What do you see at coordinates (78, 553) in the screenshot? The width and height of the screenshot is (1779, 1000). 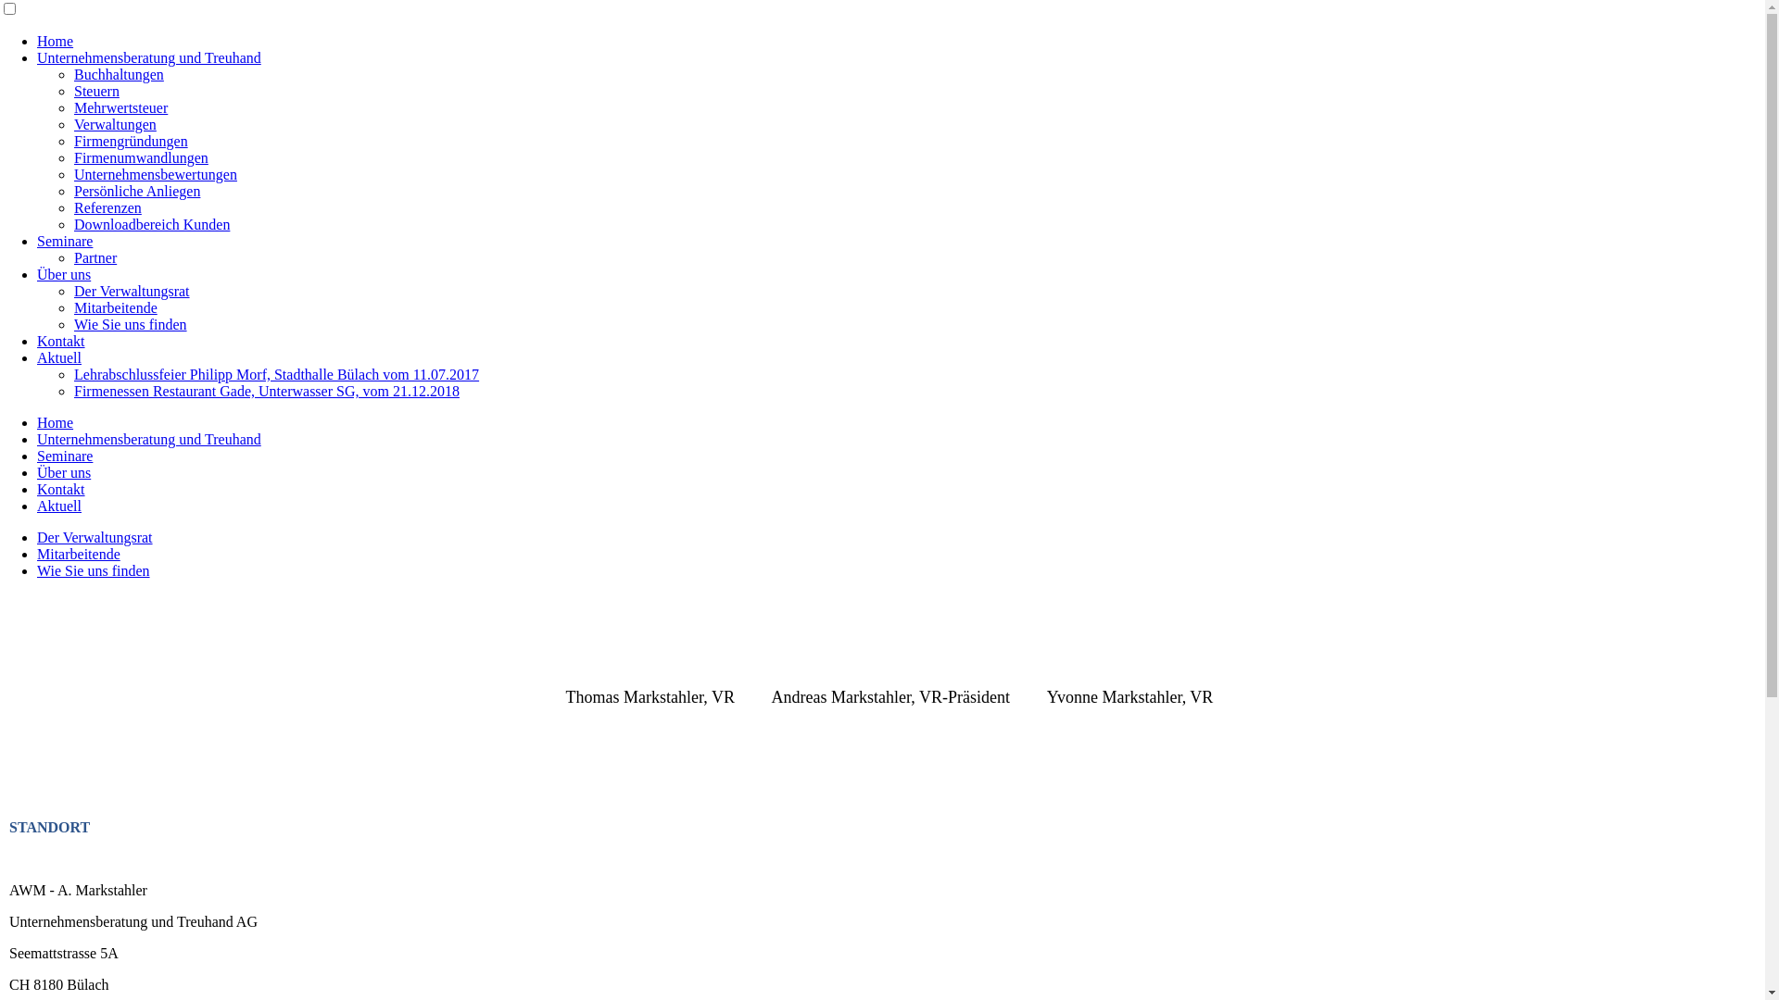 I see `'Mitarbeitende'` at bounding box center [78, 553].